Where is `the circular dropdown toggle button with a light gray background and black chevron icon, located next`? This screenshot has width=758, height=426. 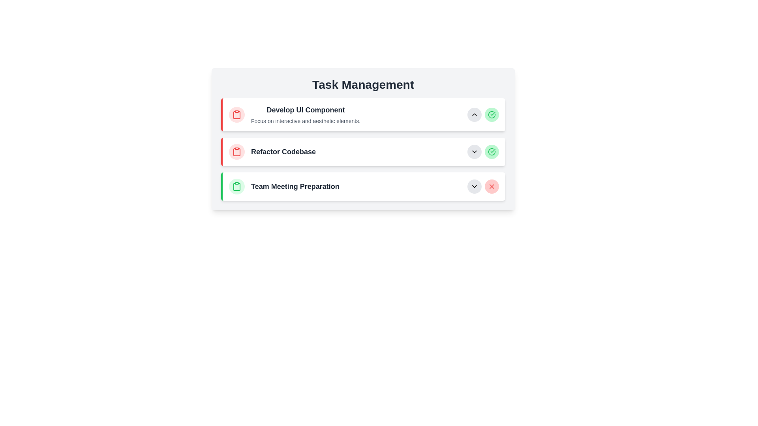 the circular dropdown toggle button with a light gray background and black chevron icon, located next is located at coordinates (474, 187).